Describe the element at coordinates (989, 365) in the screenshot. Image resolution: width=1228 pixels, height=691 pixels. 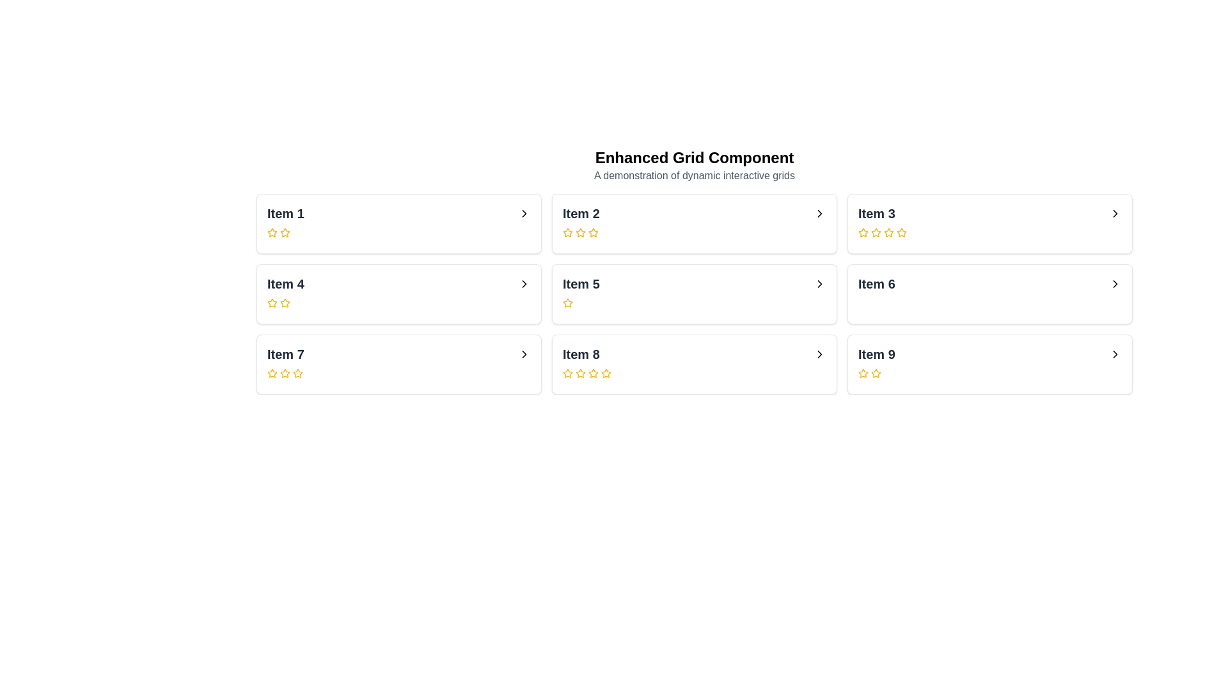
I see `the ninth card in the grid layout` at that location.